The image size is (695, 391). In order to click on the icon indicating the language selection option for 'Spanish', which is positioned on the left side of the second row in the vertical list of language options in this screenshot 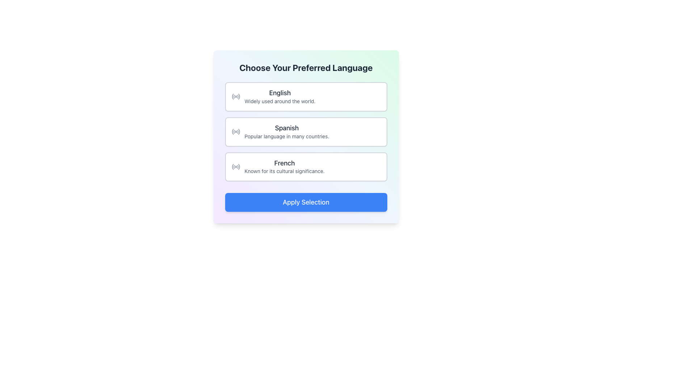, I will do `click(236, 132)`.